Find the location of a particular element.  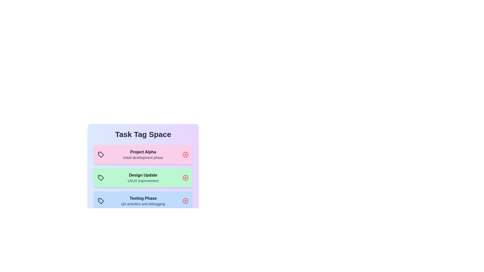

the tag icon corresponding to Project Alpha to highlight it is located at coordinates (101, 154).